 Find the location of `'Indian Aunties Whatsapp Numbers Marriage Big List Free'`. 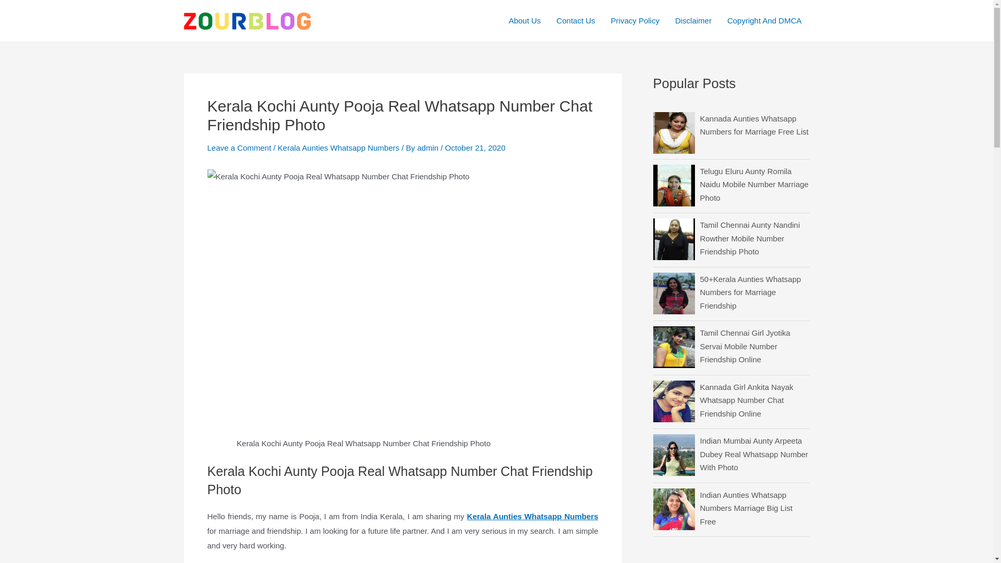

'Indian Aunties Whatsapp Numbers Marriage Big List Free' is located at coordinates (700, 508).